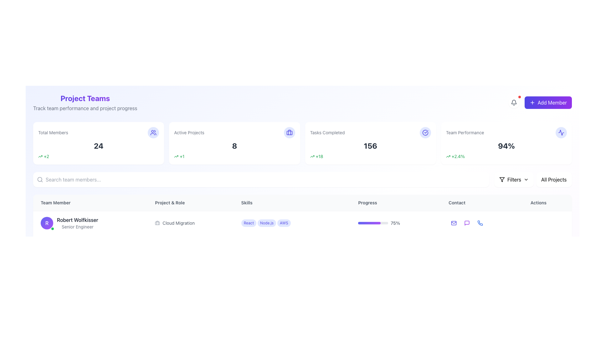 This screenshot has height=338, width=601. Describe the element at coordinates (547, 223) in the screenshot. I see `the context menu button in the 'Actions' column for the user 'Robert Wolfkisser'` at that location.